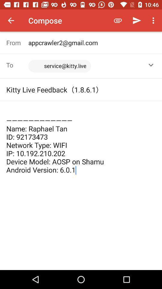 The image size is (162, 289). What do you see at coordinates (17, 65) in the screenshot?
I see `the icon next to the <service@kitty.live>,` at bounding box center [17, 65].